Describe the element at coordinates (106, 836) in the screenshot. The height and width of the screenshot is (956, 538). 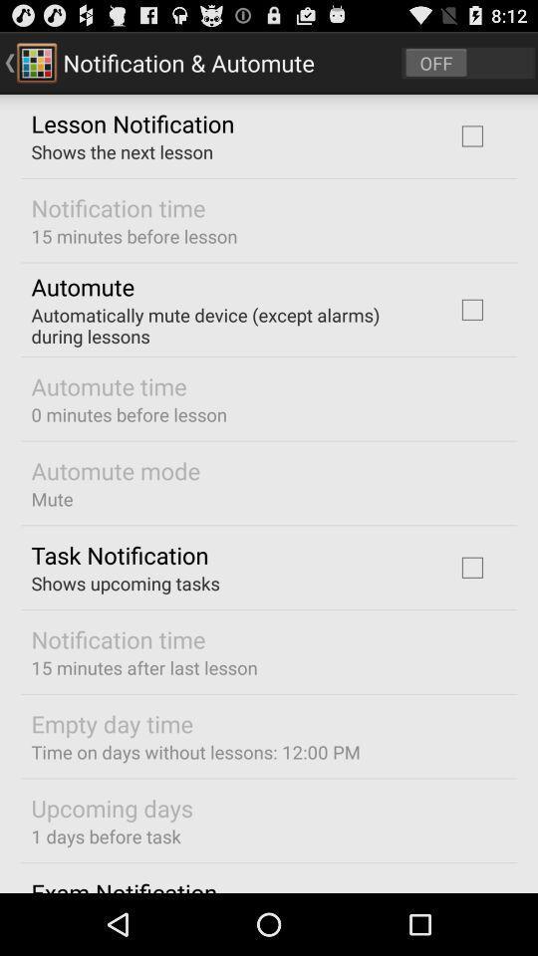
I see `the 1 days before icon` at that location.